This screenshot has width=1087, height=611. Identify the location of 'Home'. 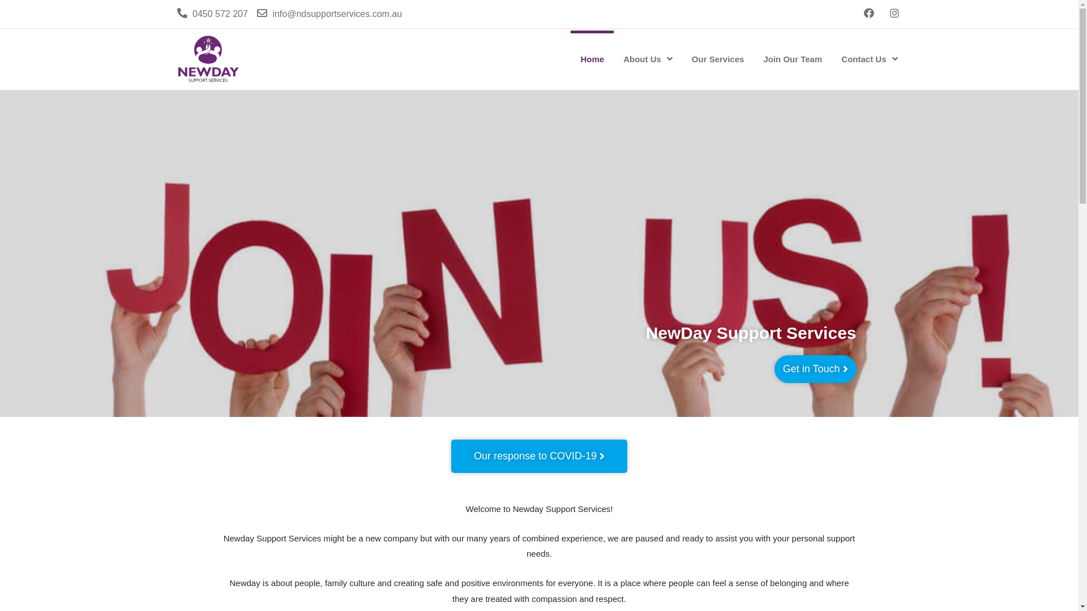
(592, 59).